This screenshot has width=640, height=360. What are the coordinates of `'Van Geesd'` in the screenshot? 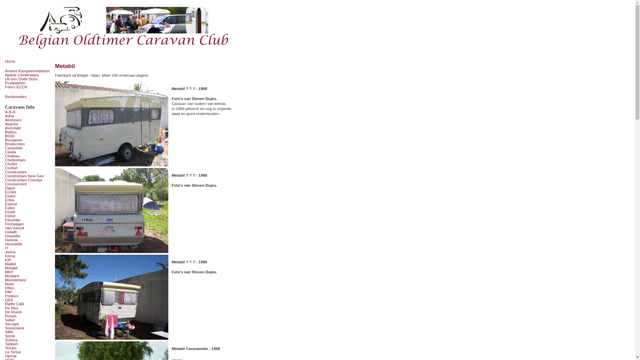 It's located at (28, 227).